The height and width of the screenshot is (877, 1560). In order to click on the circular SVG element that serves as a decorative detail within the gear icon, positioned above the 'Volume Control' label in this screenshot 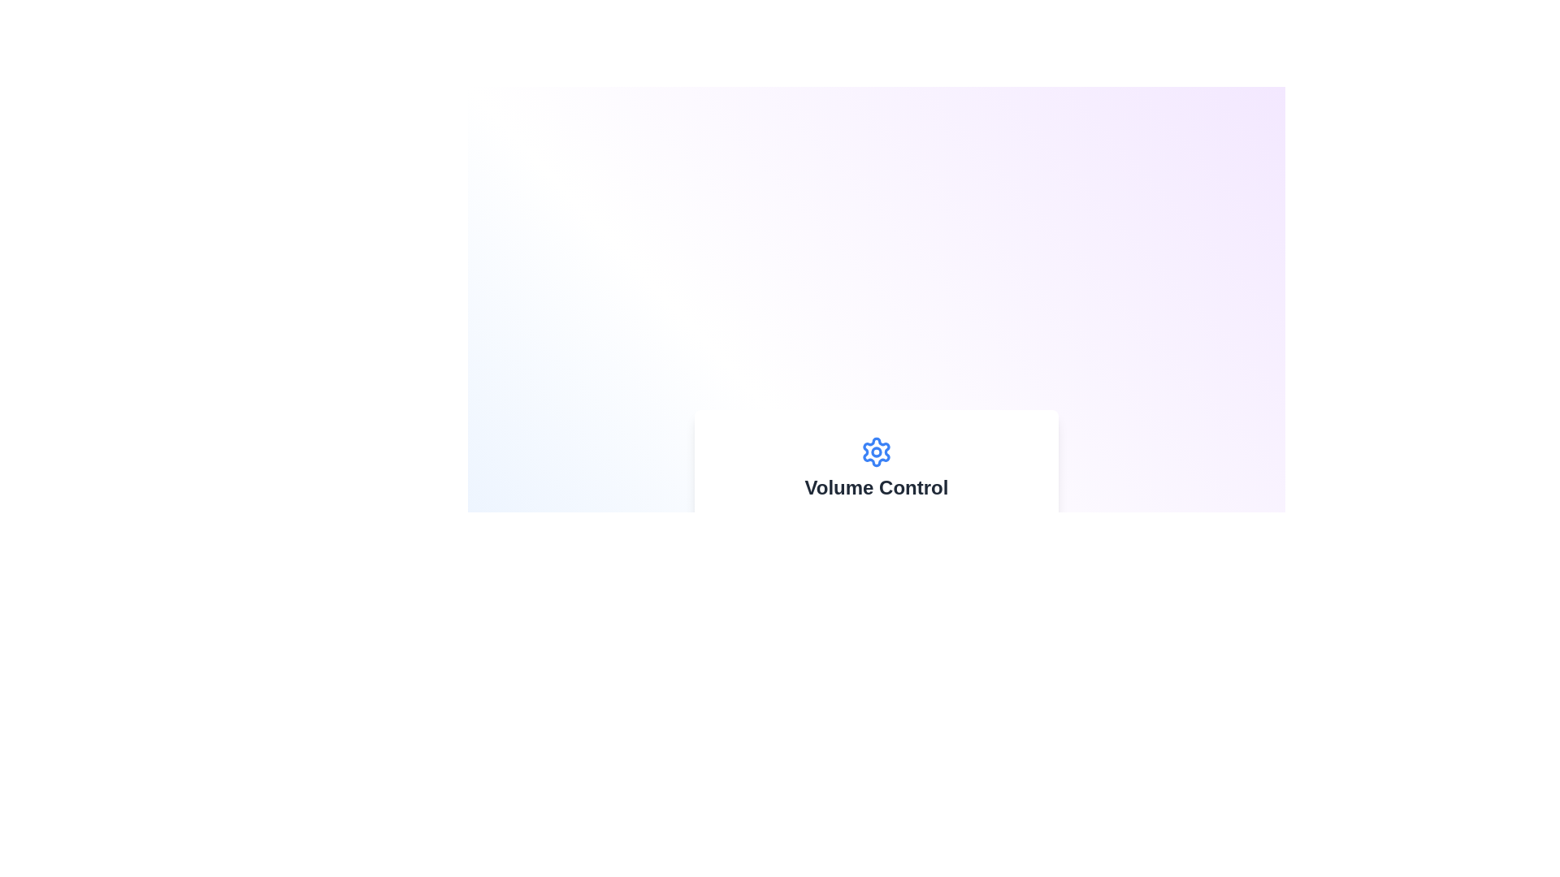, I will do `click(876, 451)`.